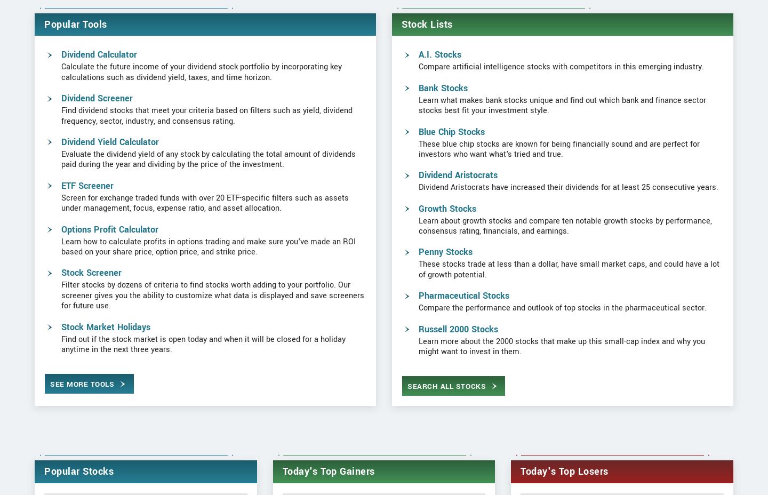 This screenshot has height=495, width=768. Describe the element at coordinates (418, 330) in the screenshot. I see `'Pharmaceutical Stocks'` at that location.